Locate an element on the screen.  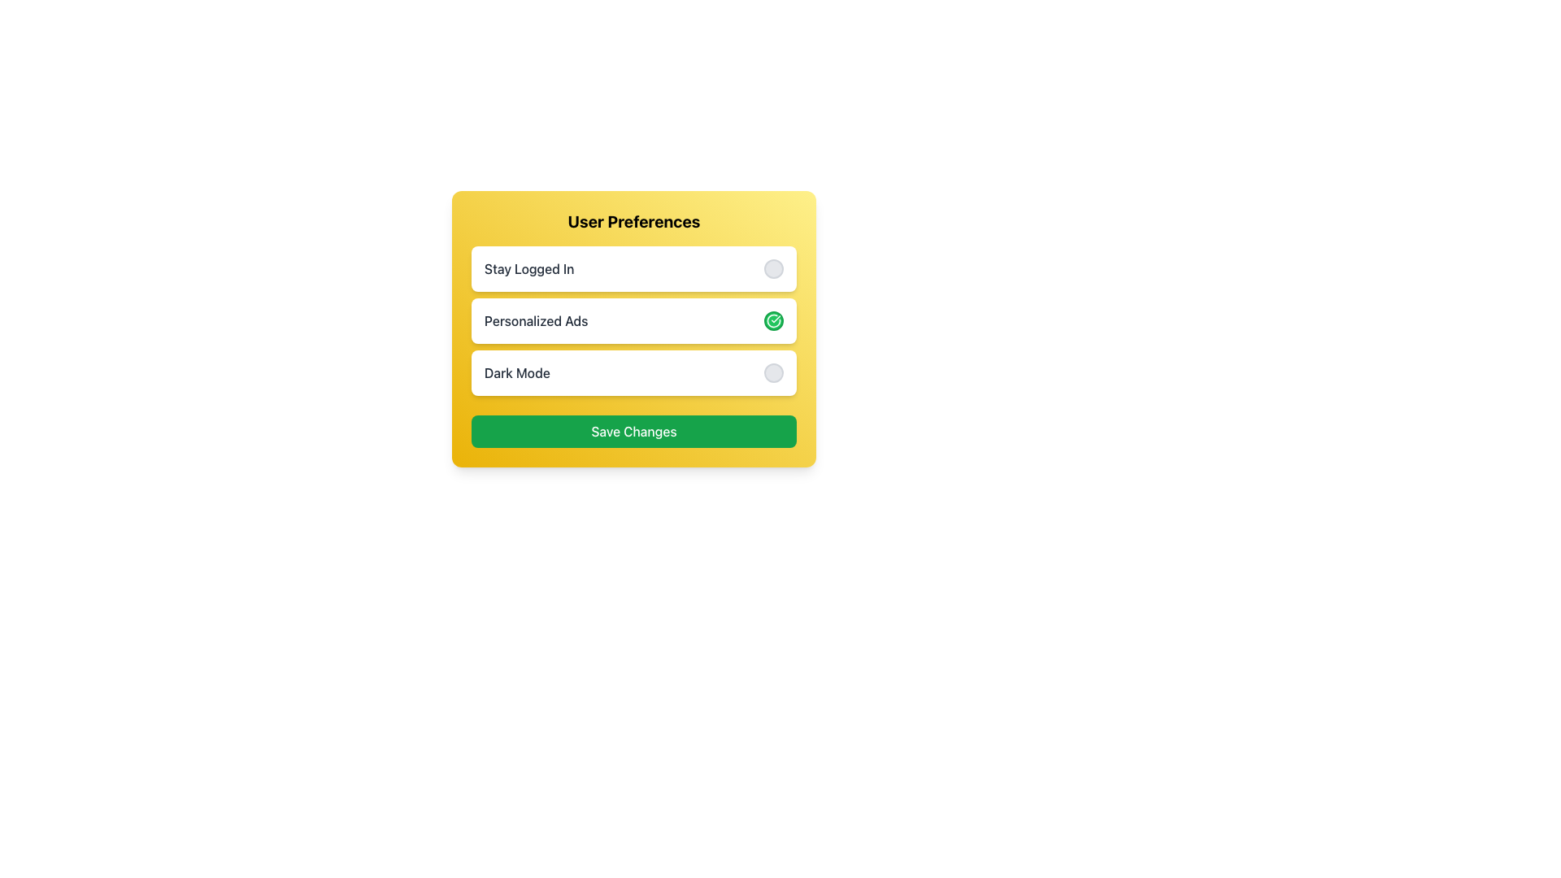
the circular toggle button with a light gray background and gray border, located in the settings panel for 'Dark Mode' is located at coordinates (772, 373).